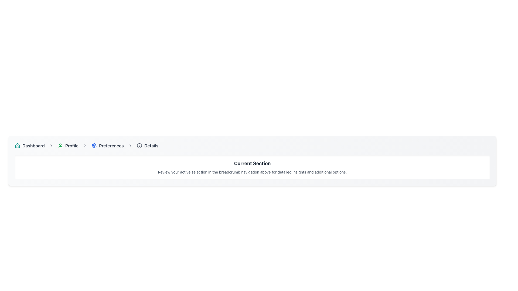  Describe the element at coordinates (94, 145) in the screenshot. I see `the cogwheel settings icon located between the 'Profile' icon and the 'Preferences' text in the breadcrumb navigation` at that location.